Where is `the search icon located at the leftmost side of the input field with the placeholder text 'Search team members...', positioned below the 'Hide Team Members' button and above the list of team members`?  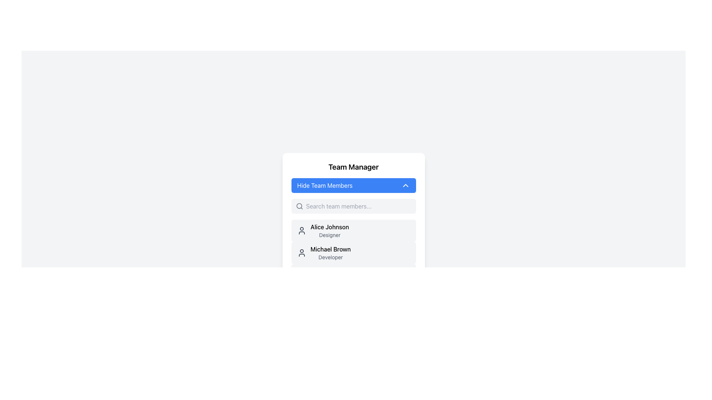 the search icon located at the leftmost side of the input field with the placeholder text 'Search team members...', positioned below the 'Hide Team Members' button and above the list of team members is located at coordinates (299, 206).